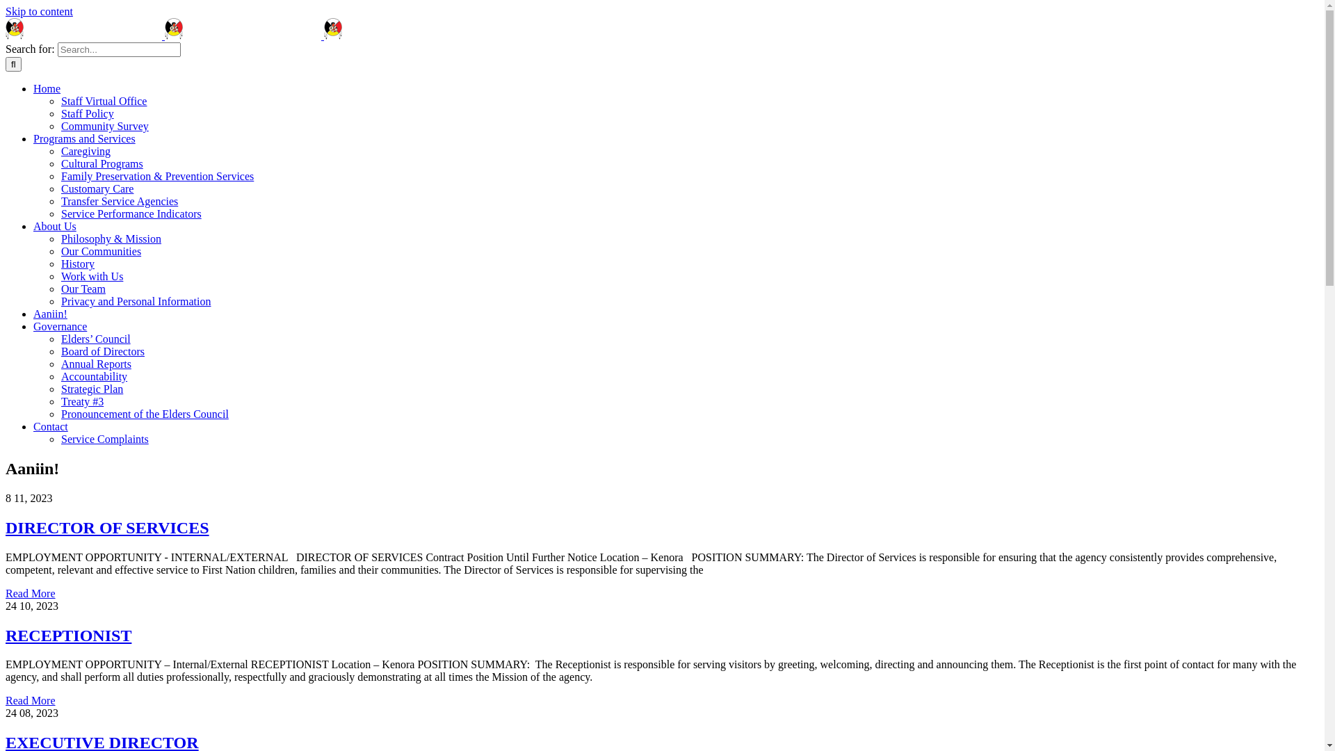 Image resolution: width=1335 pixels, height=751 pixels. Describe the element at coordinates (83, 138) in the screenshot. I see `'Programs and Services'` at that location.